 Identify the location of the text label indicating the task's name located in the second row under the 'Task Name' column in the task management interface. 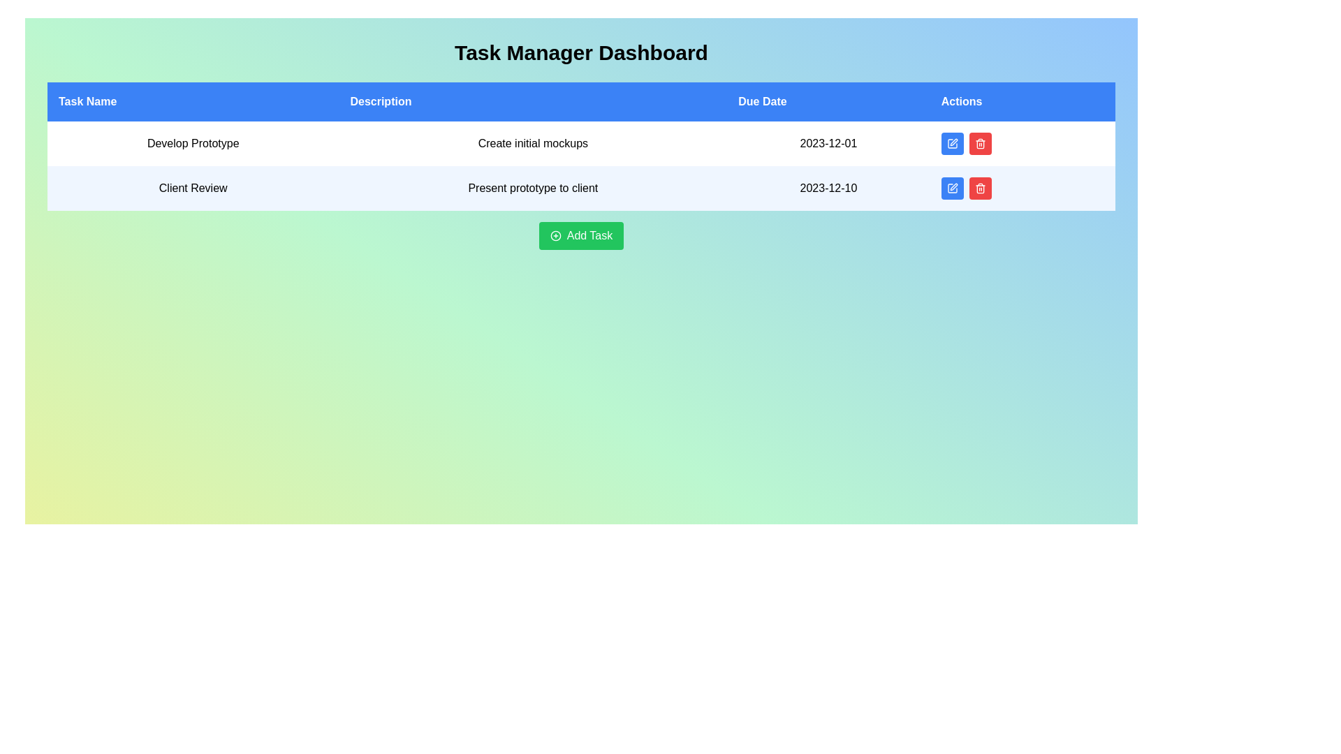
(192, 188).